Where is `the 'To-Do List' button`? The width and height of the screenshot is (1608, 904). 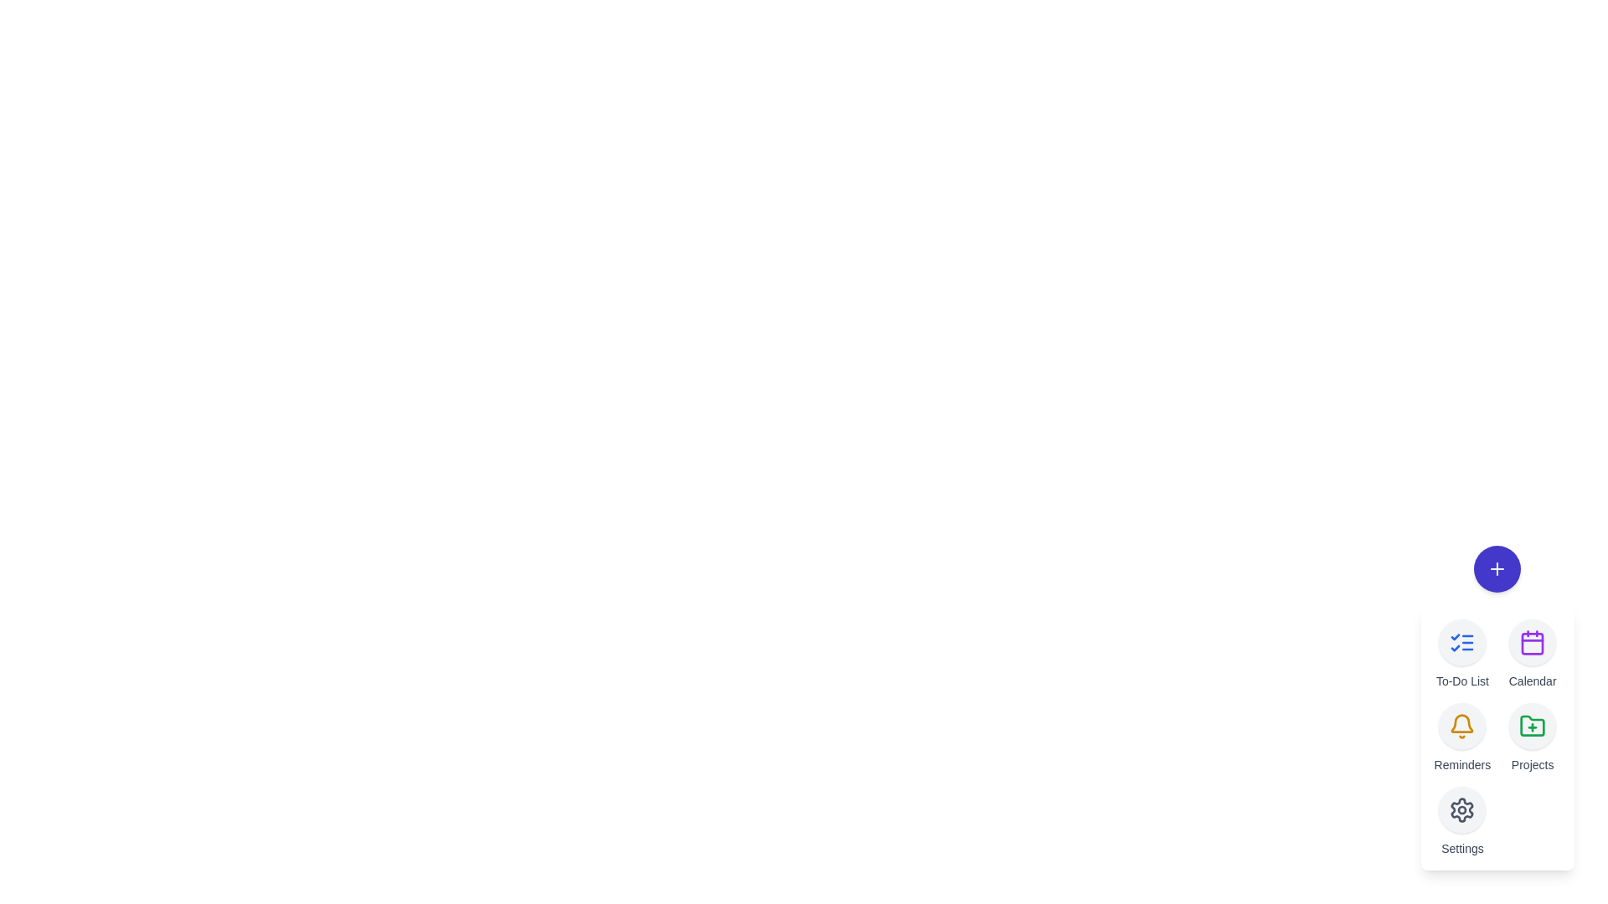
the 'To-Do List' button is located at coordinates (1461, 641).